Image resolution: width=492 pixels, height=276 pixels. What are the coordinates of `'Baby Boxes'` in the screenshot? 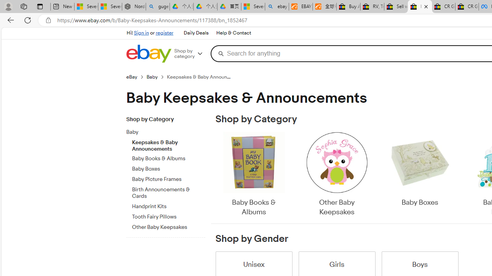 It's located at (419, 174).